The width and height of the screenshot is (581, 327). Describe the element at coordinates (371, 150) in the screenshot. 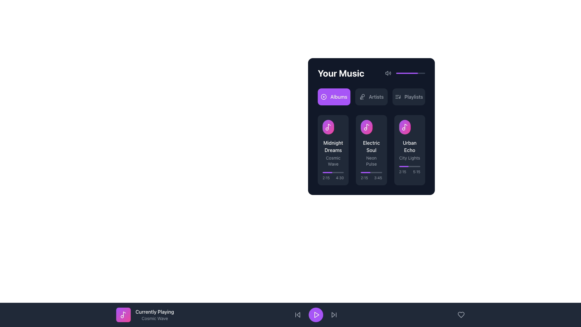

I see `the music album card in the second column of the grid layout labeled 'Your Music', which displays album details and has an interactive play component` at that location.